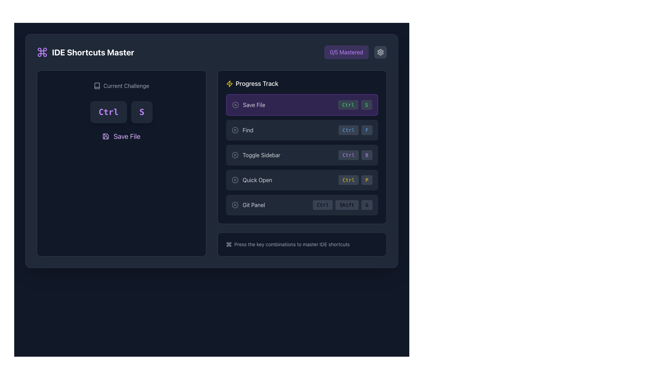  What do you see at coordinates (322, 204) in the screenshot?
I see `the static label indicating the 'Ctrl' key in the 'Git Panel' section, which is located in the bottom row of the 'Progress Track' section` at bounding box center [322, 204].